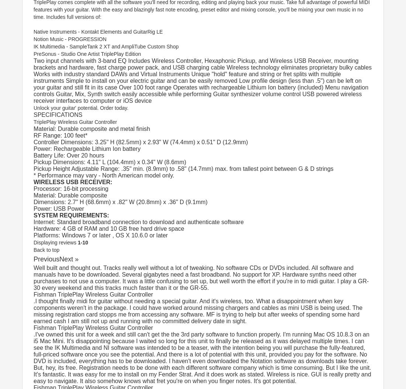 This screenshot has width=406, height=389. What do you see at coordinates (103, 175) in the screenshot?
I see `'* Performance may vary - North American model only.'` at bounding box center [103, 175].